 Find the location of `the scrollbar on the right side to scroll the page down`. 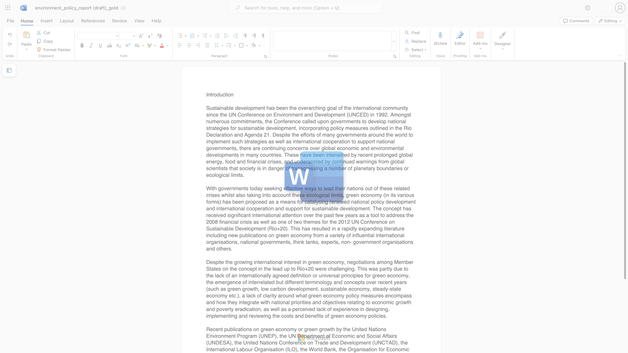

the scrollbar on the right side to scroll the page down is located at coordinates (624, 340).